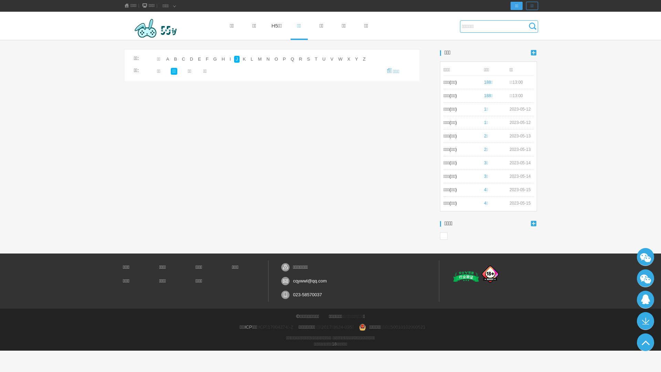  Describe the element at coordinates (168, 59) in the screenshot. I see `'A'` at that location.